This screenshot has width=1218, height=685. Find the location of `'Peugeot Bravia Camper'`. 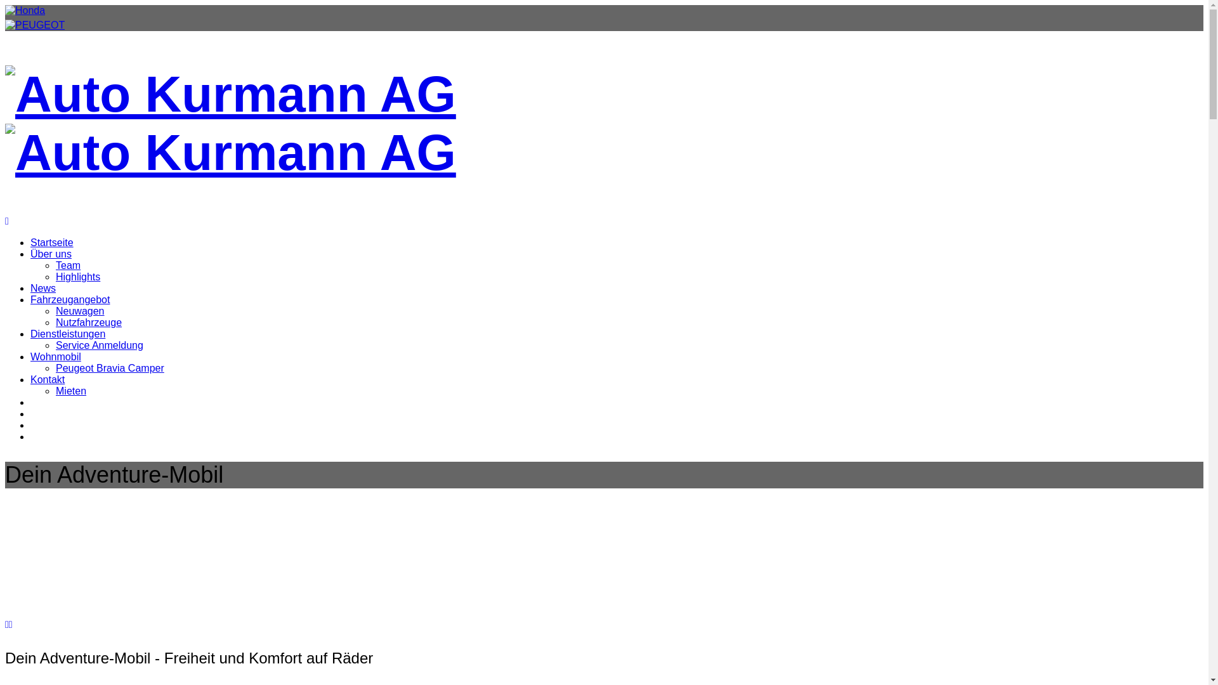

'Peugeot Bravia Camper' is located at coordinates (110, 368).